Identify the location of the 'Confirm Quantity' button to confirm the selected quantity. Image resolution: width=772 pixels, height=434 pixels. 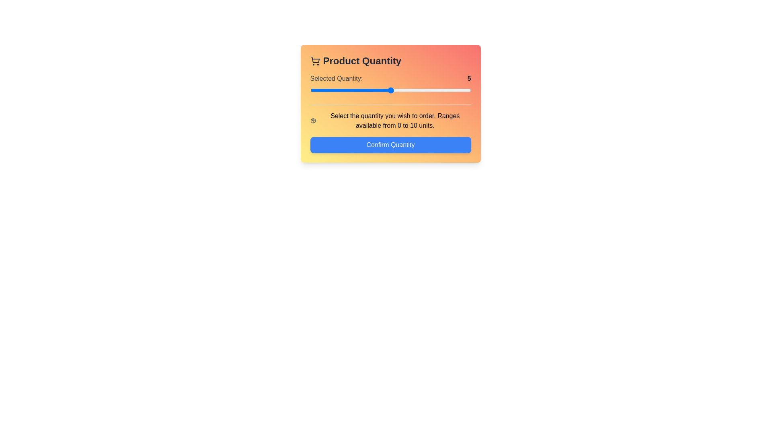
(390, 145).